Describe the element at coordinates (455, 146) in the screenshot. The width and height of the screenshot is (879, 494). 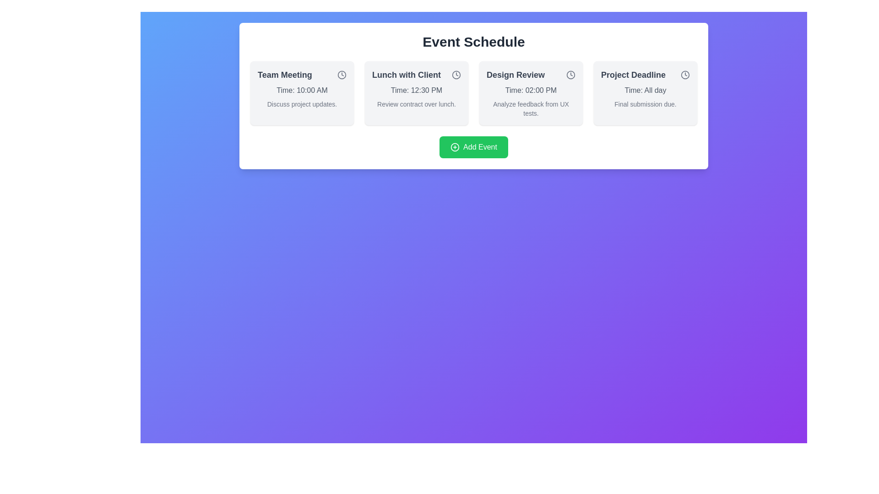
I see `the green circular icon representing a plus symbol, which is part of the 'Add Event' button located centrally below the row of events` at that location.